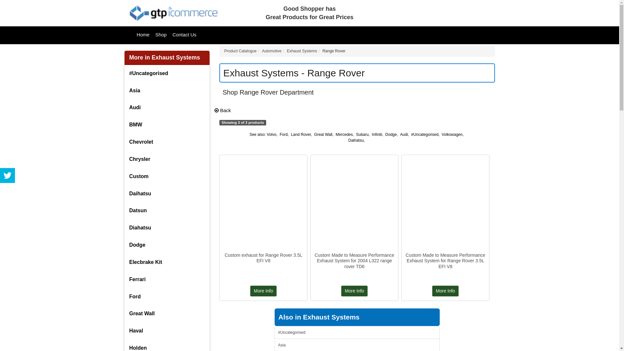 This screenshot has width=624, height=351. I want to click on 'Shop', so click(161, 35).